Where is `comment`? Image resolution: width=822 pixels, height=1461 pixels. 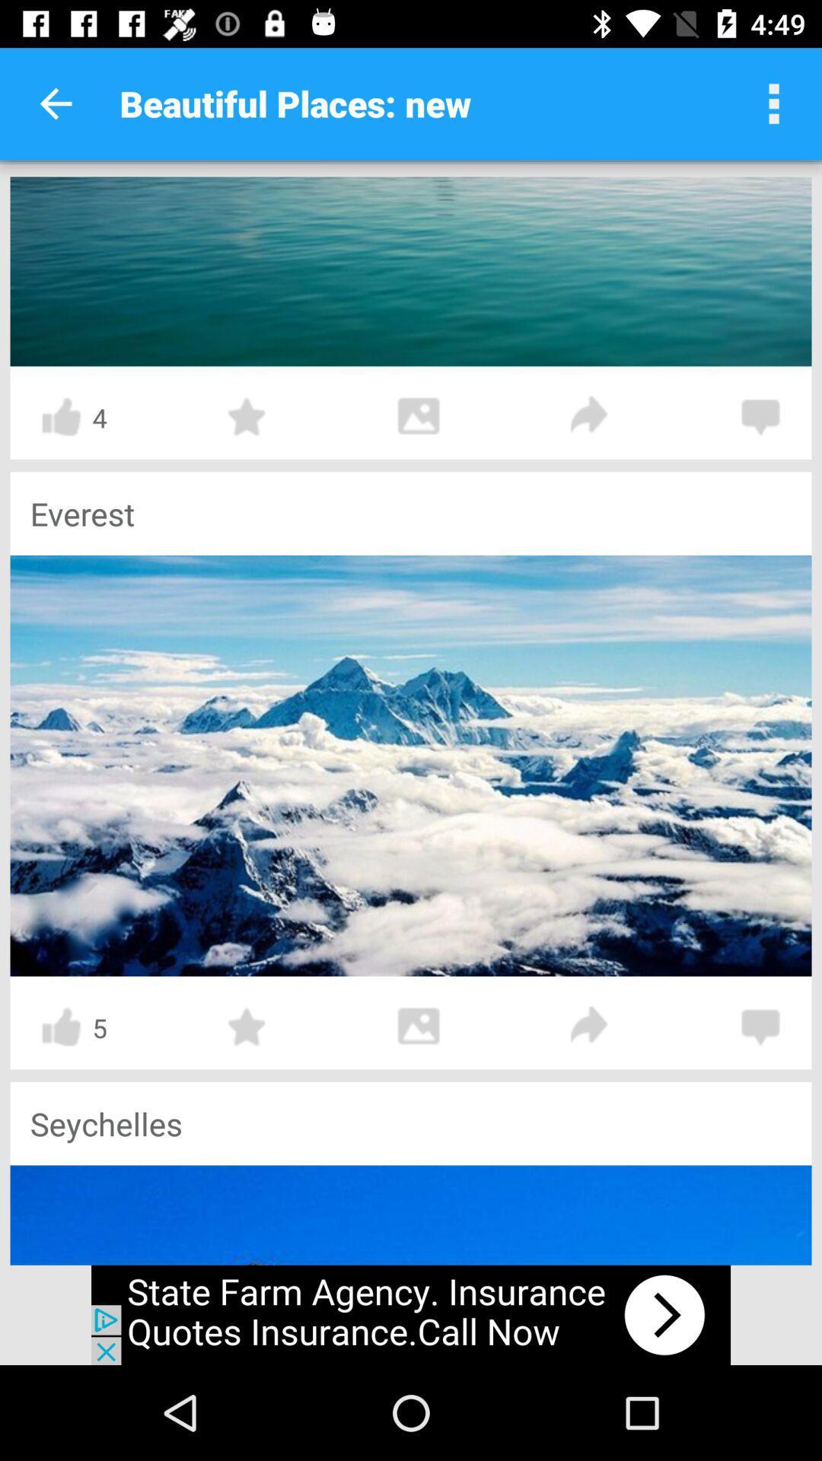
comment is located at coordinates (760, 1027).